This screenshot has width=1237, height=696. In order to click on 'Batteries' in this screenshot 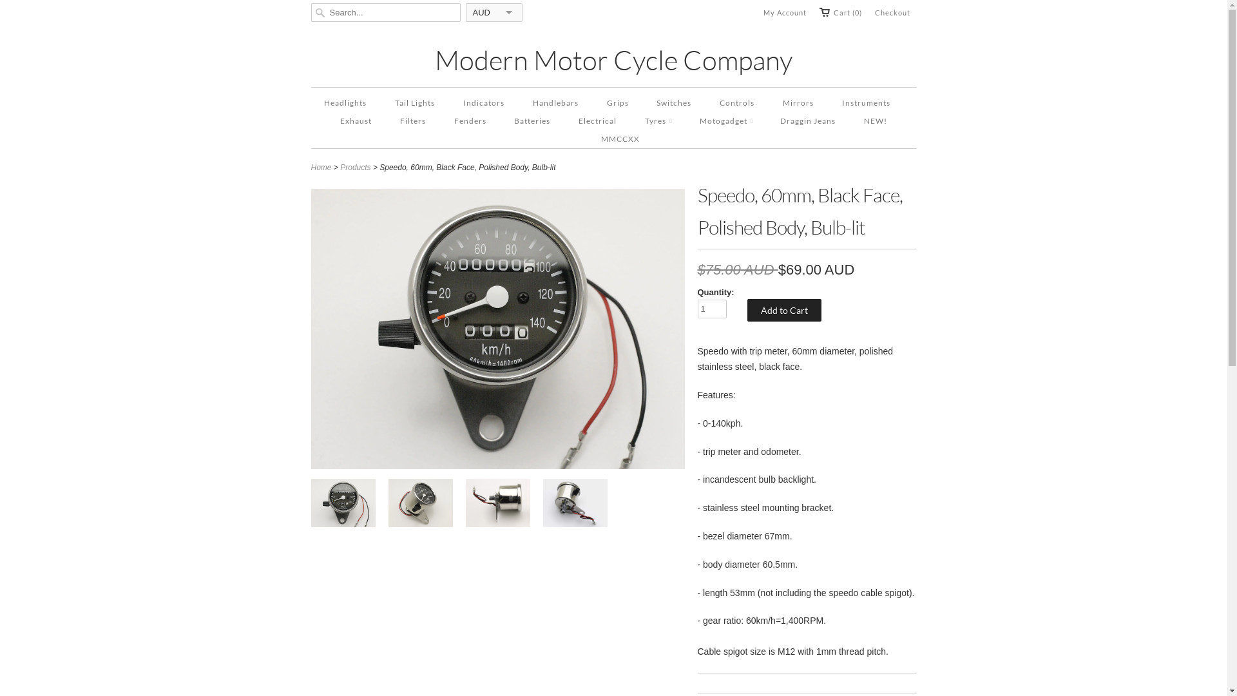, I will do `click(532, 121)`.